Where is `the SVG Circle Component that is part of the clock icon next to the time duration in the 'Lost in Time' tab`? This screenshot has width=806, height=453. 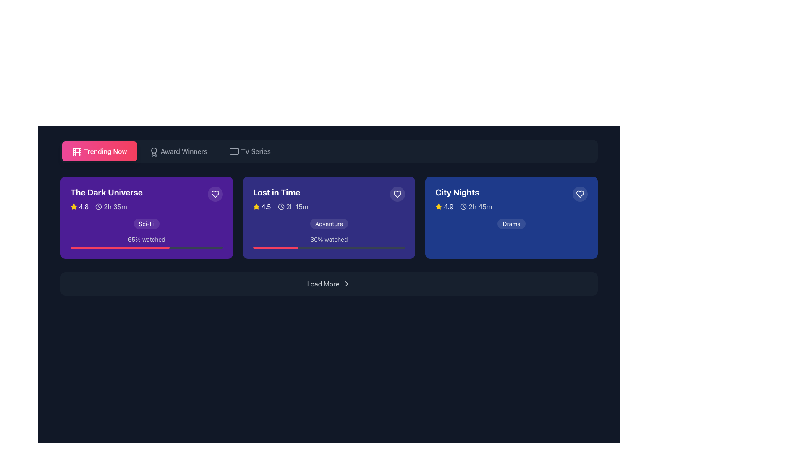
the SVG Circle Component that is part of the clock icon next to the time duration in the 'Lost in Time' tab is located at coordinates (281, 207).